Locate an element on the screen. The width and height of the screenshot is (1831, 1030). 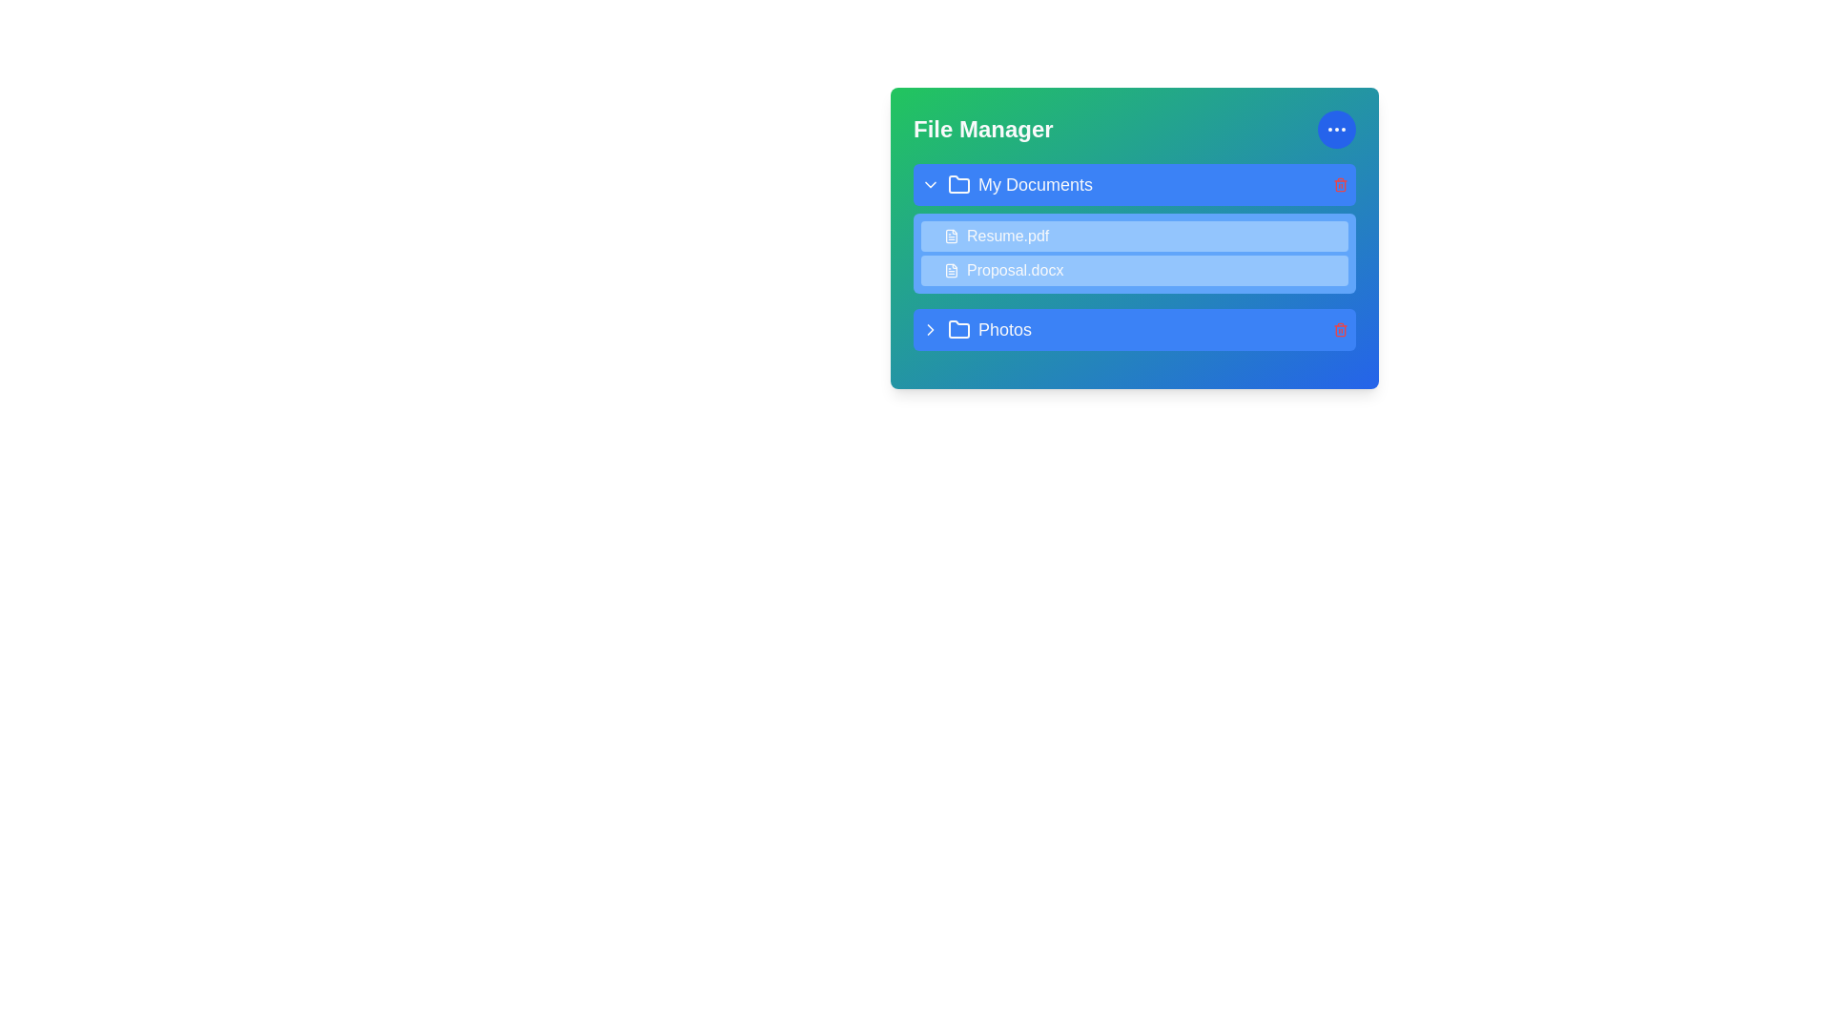
the 'My Documents' label which is styled in a large font and accompanied by a folder icon, located in the first row of the file manager's main panel is located at coordinates (1006, 184).